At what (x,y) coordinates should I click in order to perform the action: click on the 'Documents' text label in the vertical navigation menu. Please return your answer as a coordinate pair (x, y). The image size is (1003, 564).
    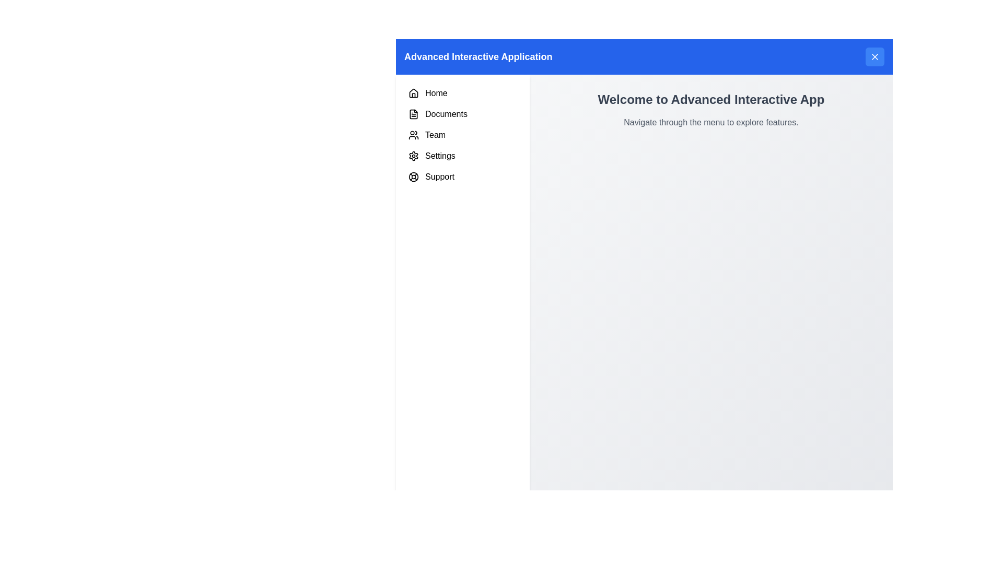
    Looking at the image, I should click on (446, 114).